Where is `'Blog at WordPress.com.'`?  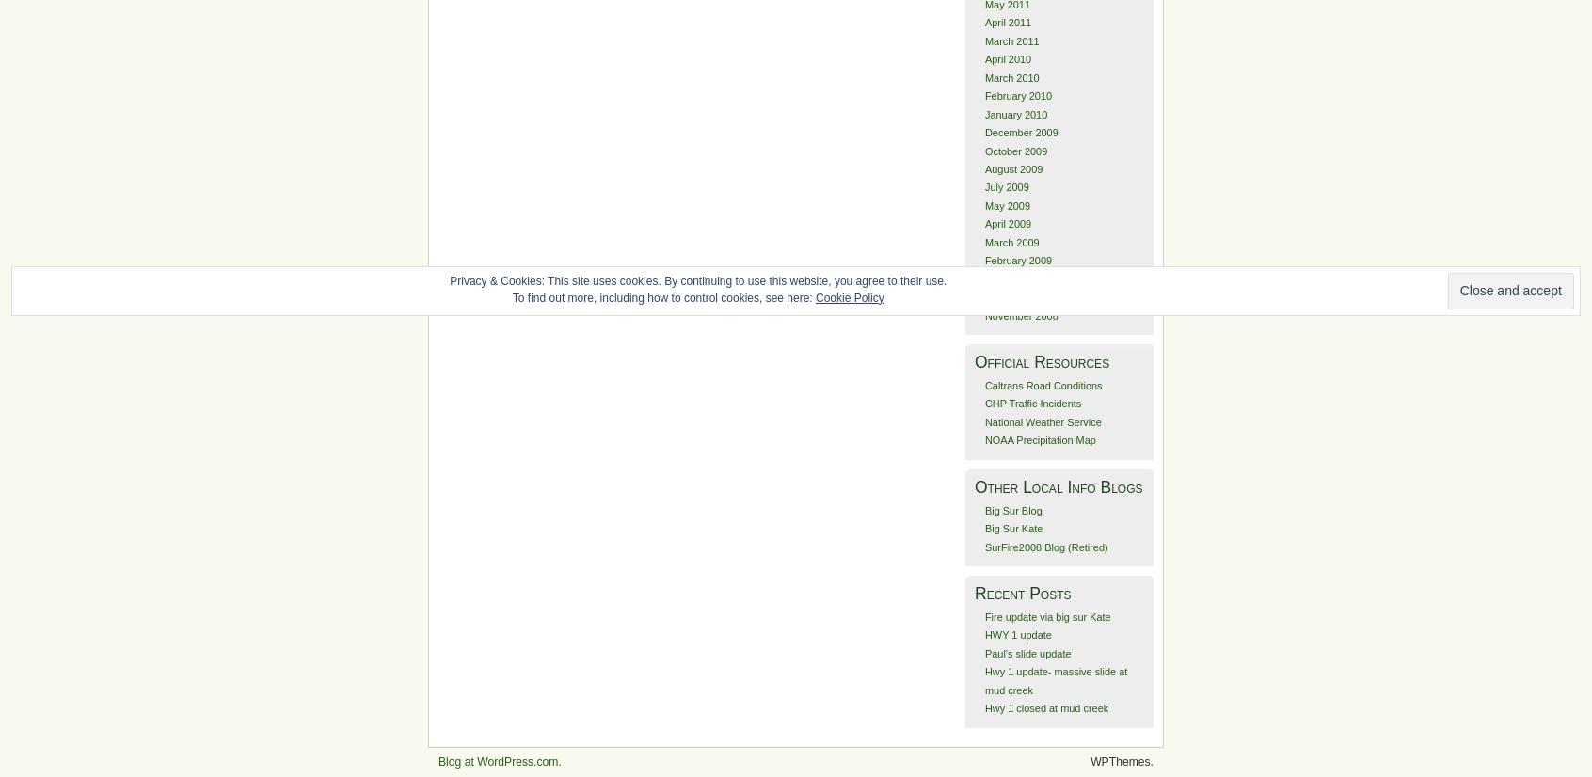
'Blog at WordPress.com.' is located at coordinates (499, 760).